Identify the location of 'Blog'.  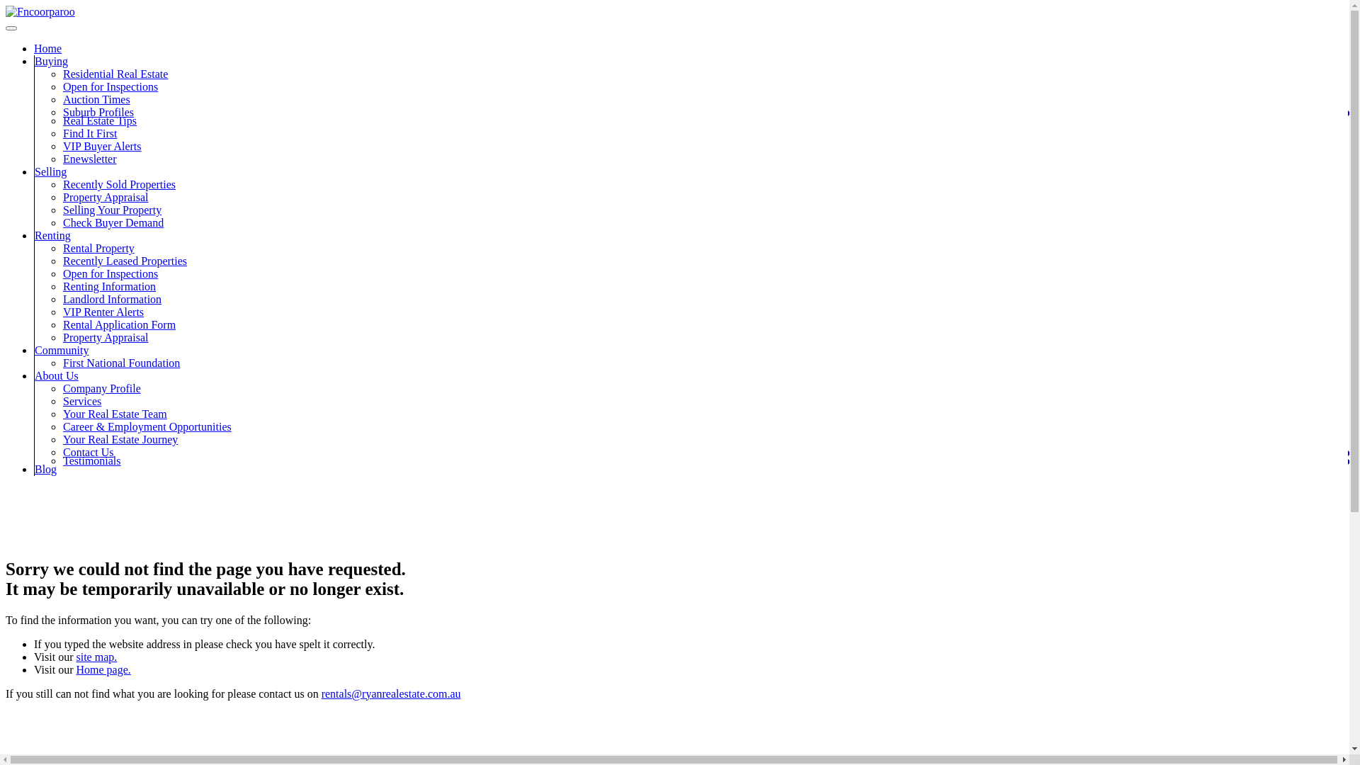
(45, 469).